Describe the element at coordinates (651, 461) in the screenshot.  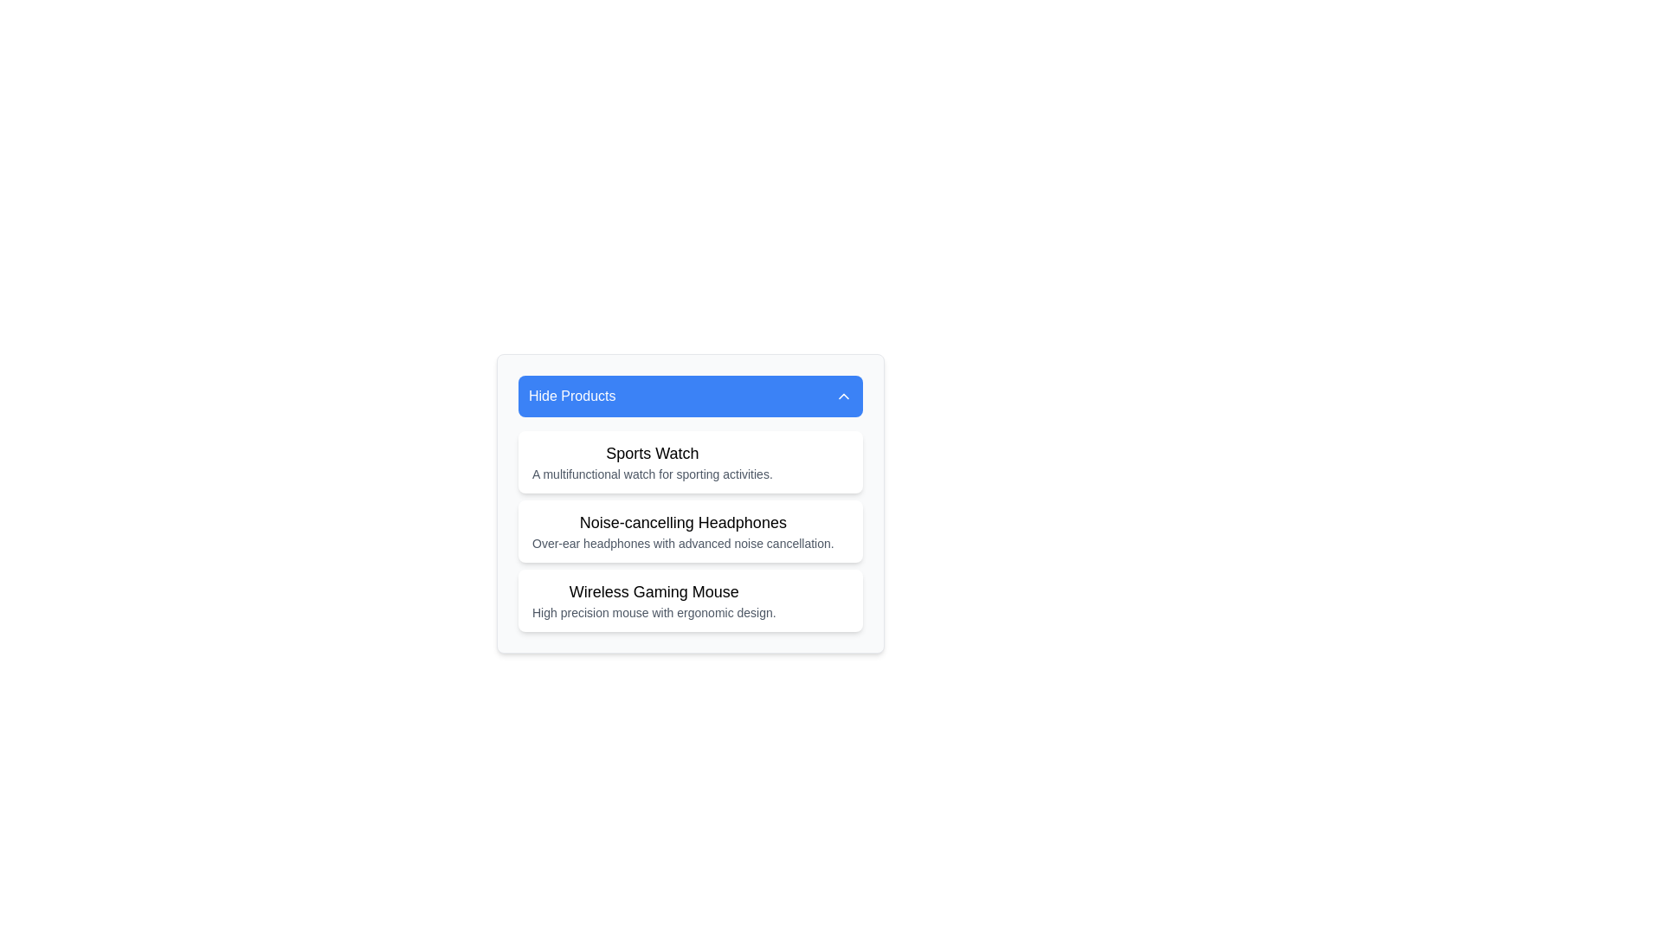
I see `the text content display that serves as a description block for a product, located in the card under the blue header 'Hide Products.'` at that location.